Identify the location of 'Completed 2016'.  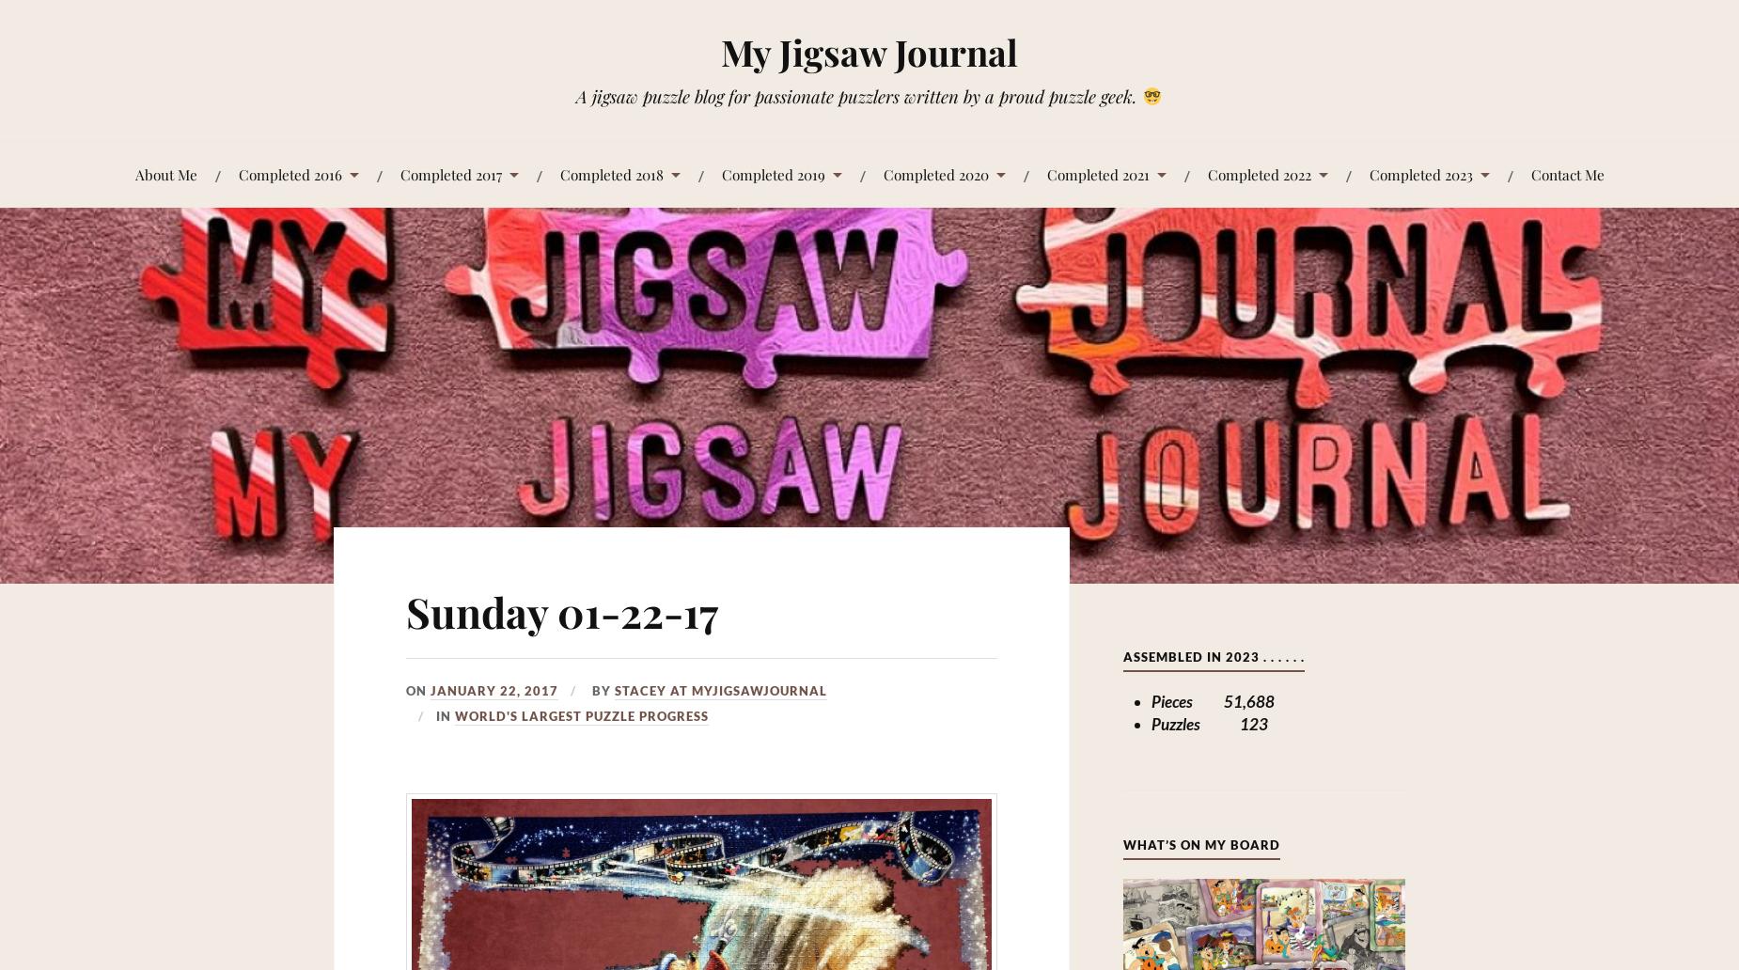
(237, 172).